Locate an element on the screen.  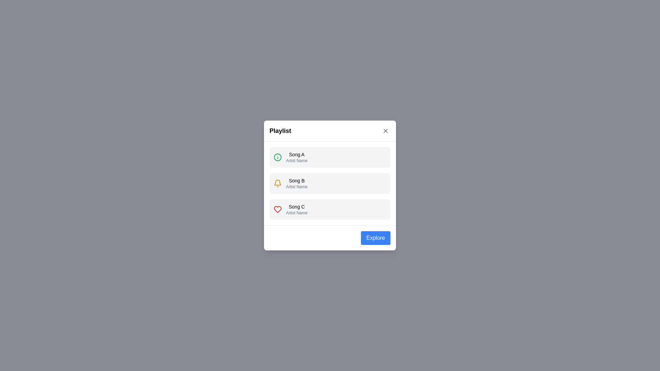
the circular button with a gray 'X' icon is located at coordinates (386, 131).